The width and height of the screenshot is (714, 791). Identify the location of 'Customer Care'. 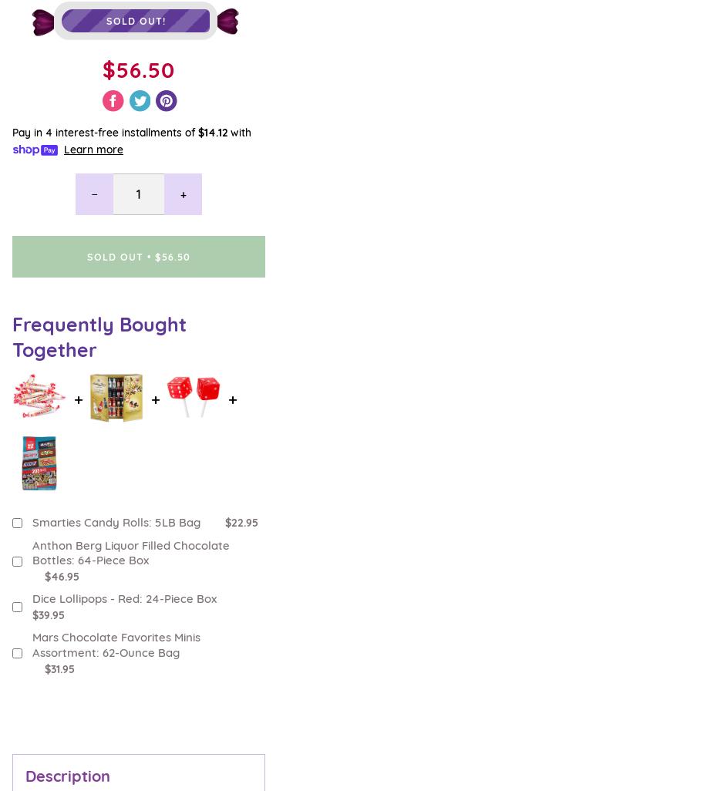
(12, 770).